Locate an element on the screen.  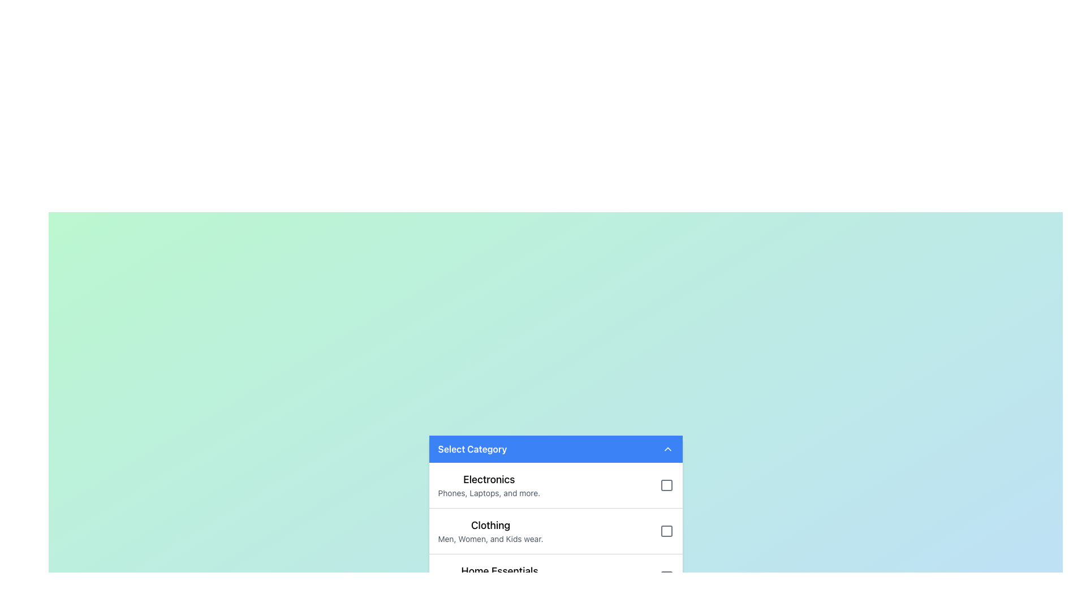
the gray toggle button located on the far-right side of the 'Electronics' row, adjacent to the text 'Phones, Laptops, and more.' is located at coordinates (666, 484).